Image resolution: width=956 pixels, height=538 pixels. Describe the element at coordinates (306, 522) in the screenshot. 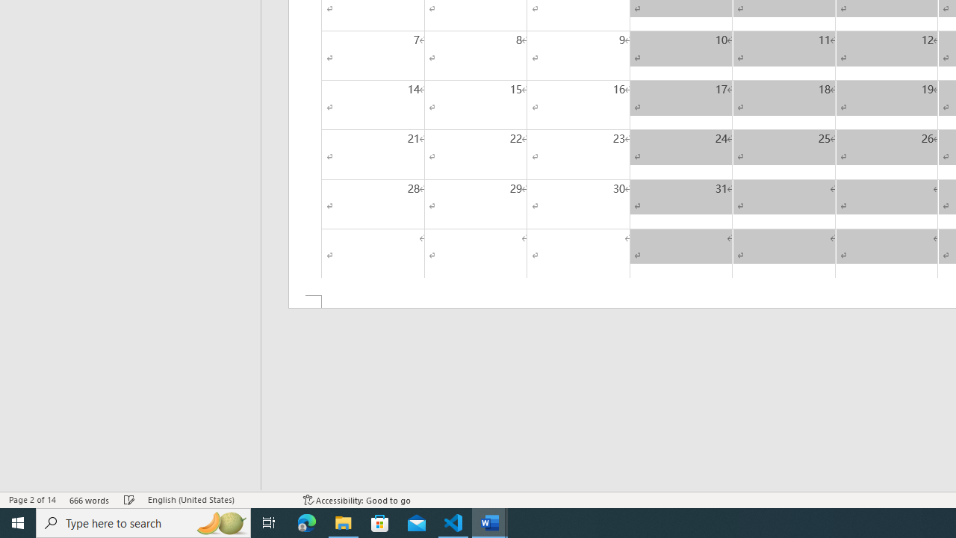

I see `'Microsoft Edge'` at that location.